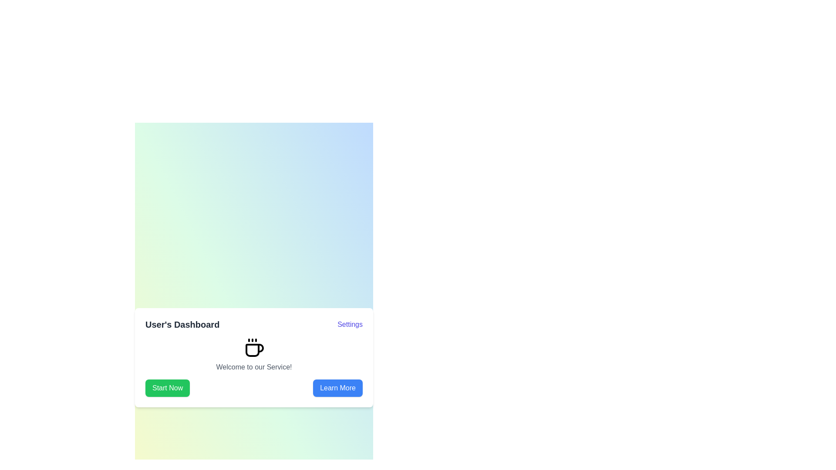 The image size is (836, 470). I want to click on the base of the coffee cup icon, which is part of the decorative SVG graphic located in the center of the card interface, positioned below the 'User's Dashboard' text and above the 'Welcome to our Service!' label, so click(254, 350).